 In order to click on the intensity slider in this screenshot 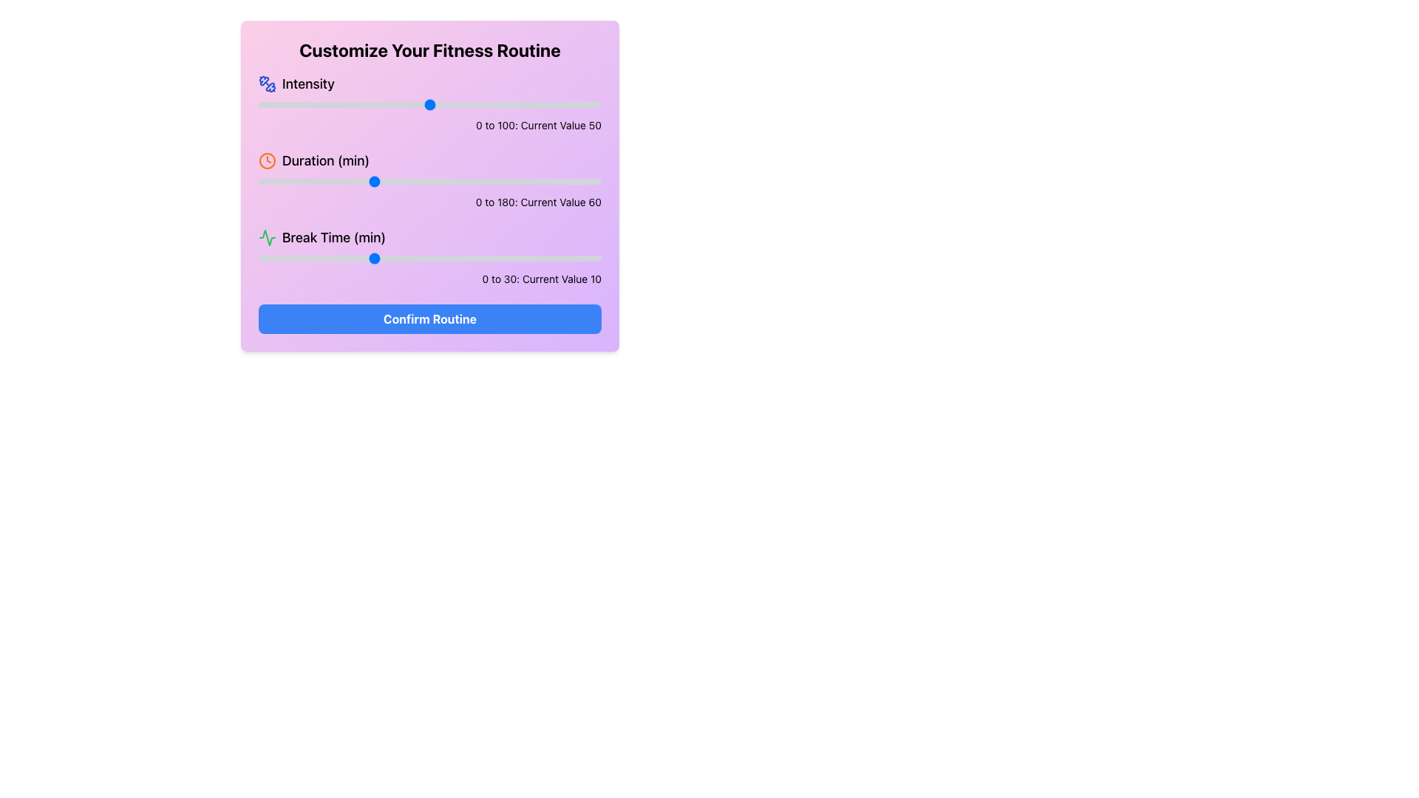, I will do `click(378, 104)`.